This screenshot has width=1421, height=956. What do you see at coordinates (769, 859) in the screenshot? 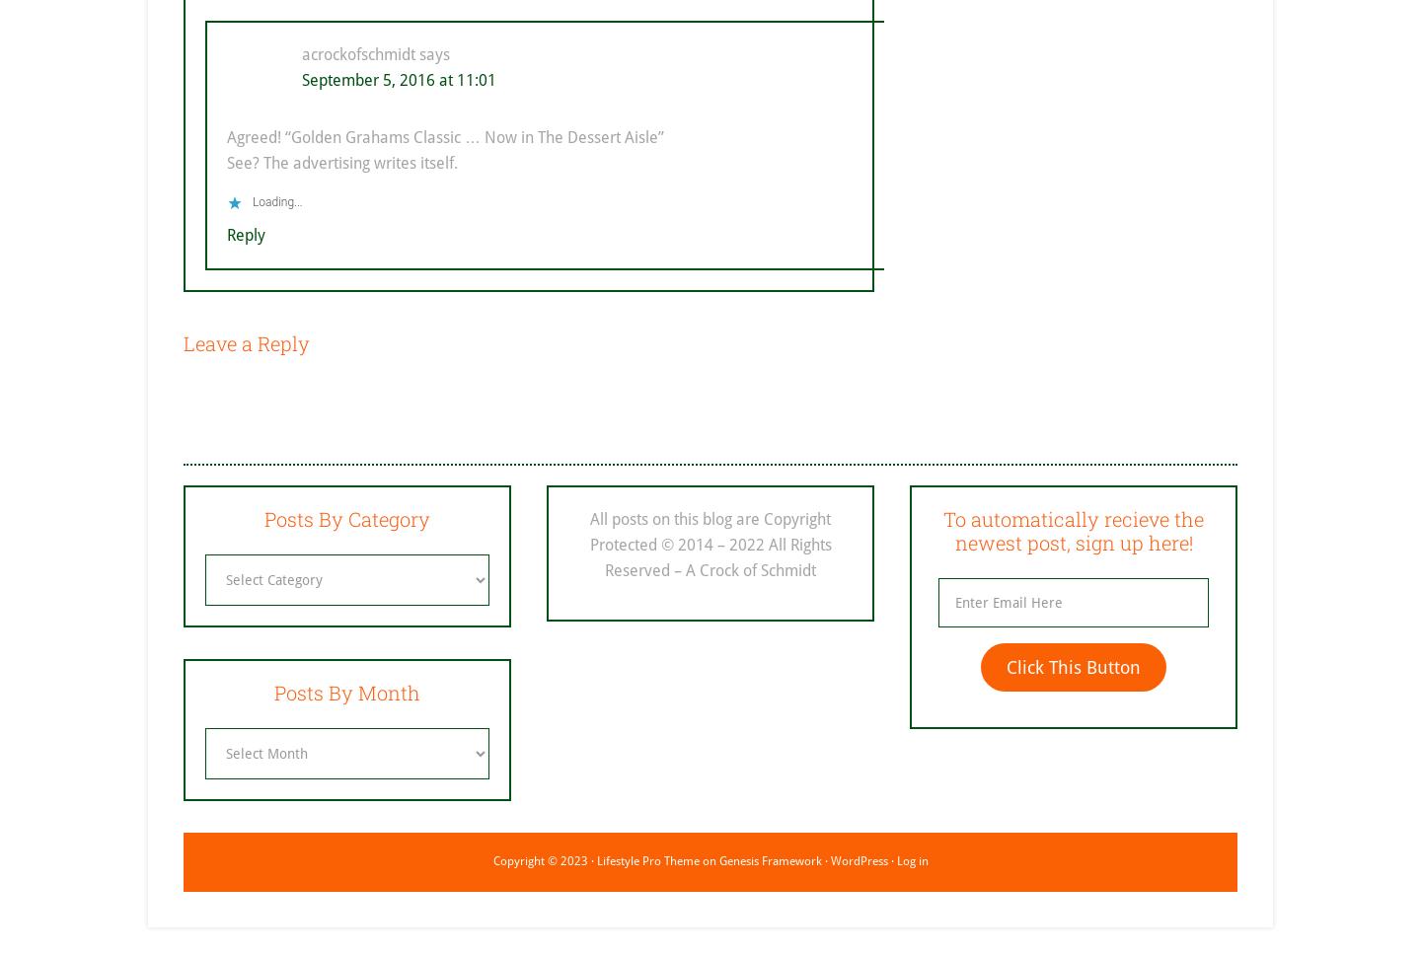
I see `'Genesis Framework'` at bounding box center [769, 859].